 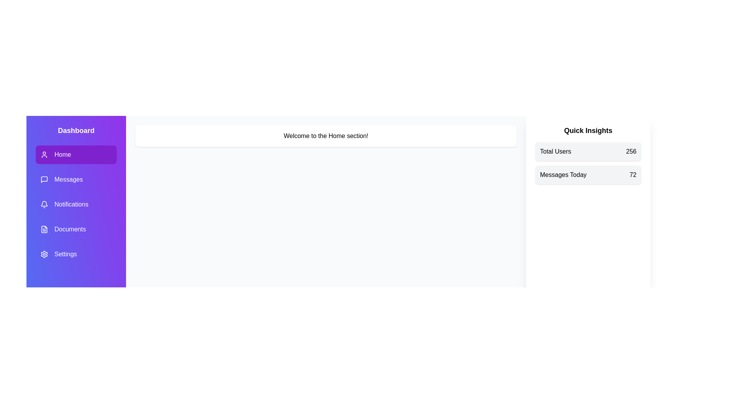 I want to click on the document icon in the vertical menu located before the 'Documents' label, which is the fourth item in the menu, so click(x=44, y=229).